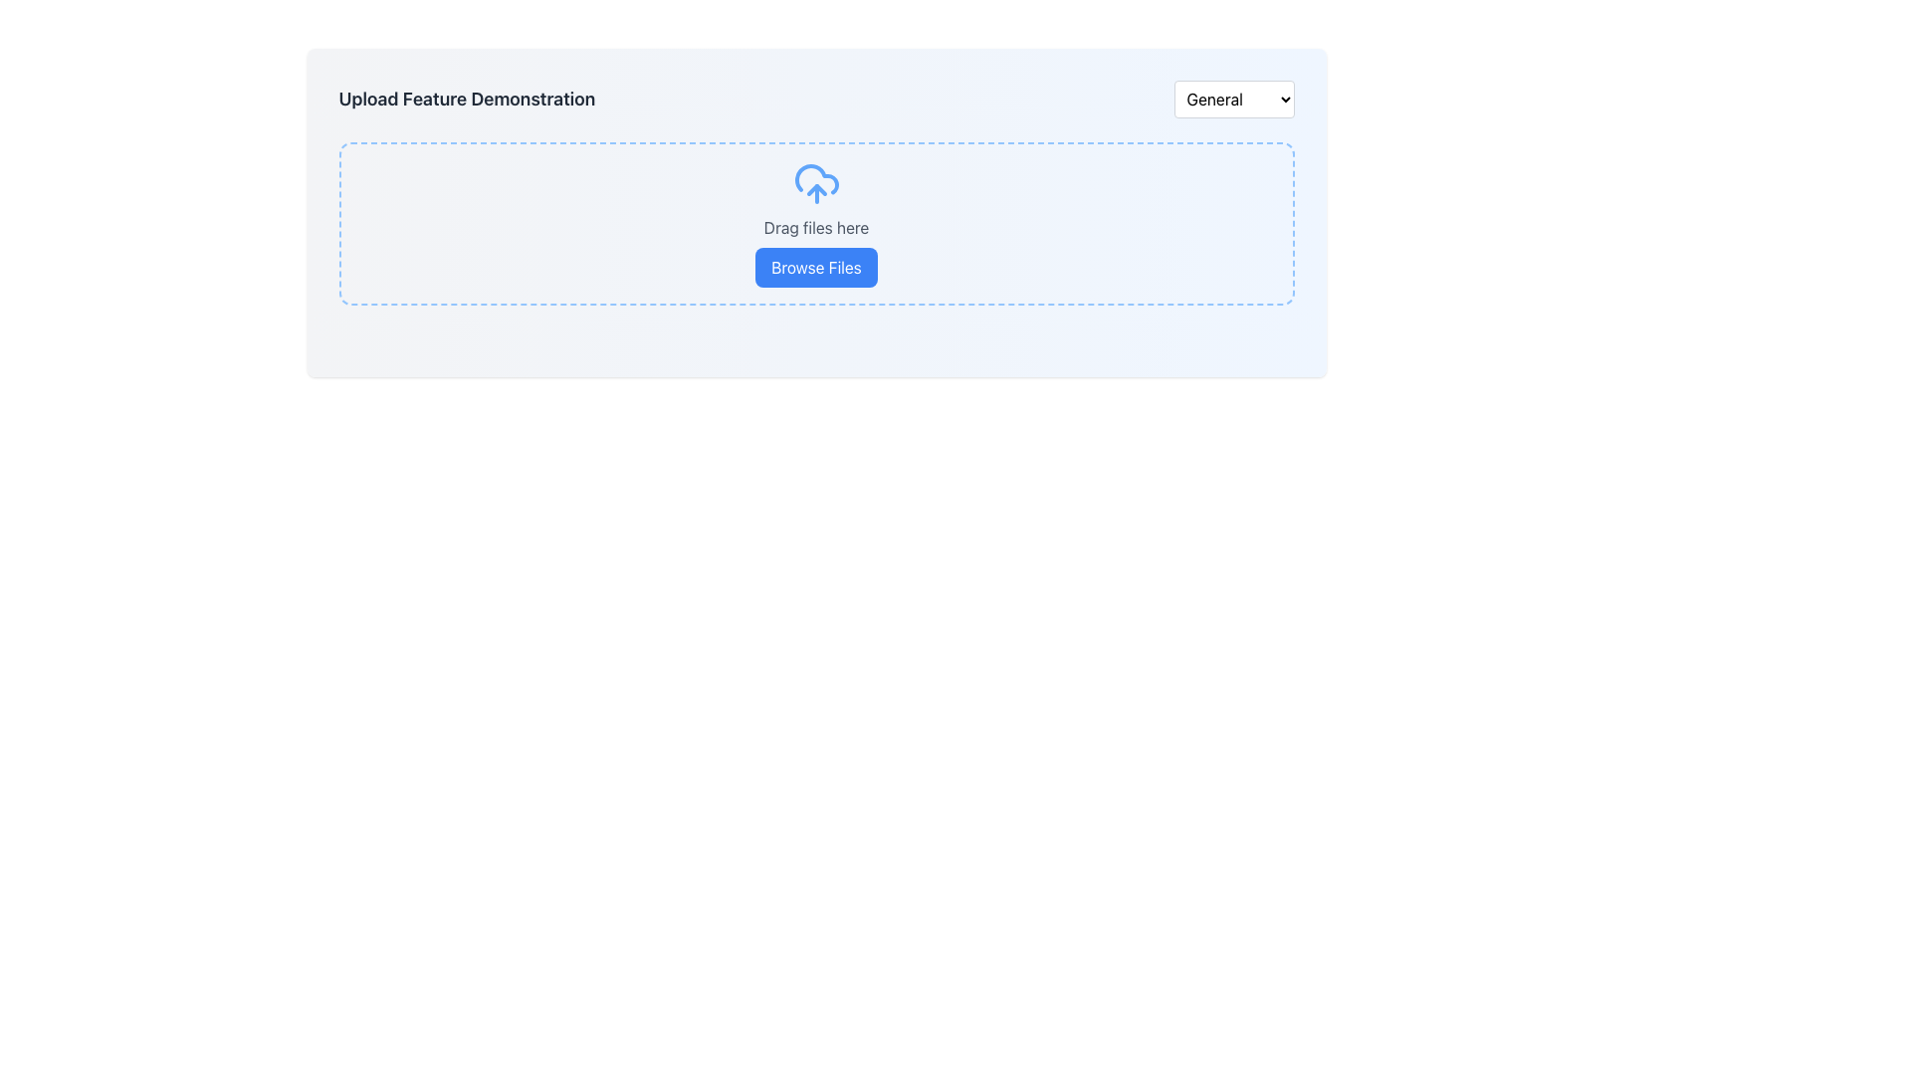  Describe the element at coordinates (816, 184) in the screenshot. I see `the cloud upload icon, which is styled in light blue and features a cloud outline with an upward-pointing arrow` at that location.